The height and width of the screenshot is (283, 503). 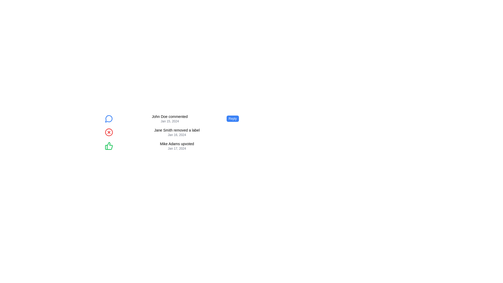 I want to click on the static text label displaying a comment by 'John Doe', which is positioned to the right of a speech bubble icon, so click(x=170, y=116).